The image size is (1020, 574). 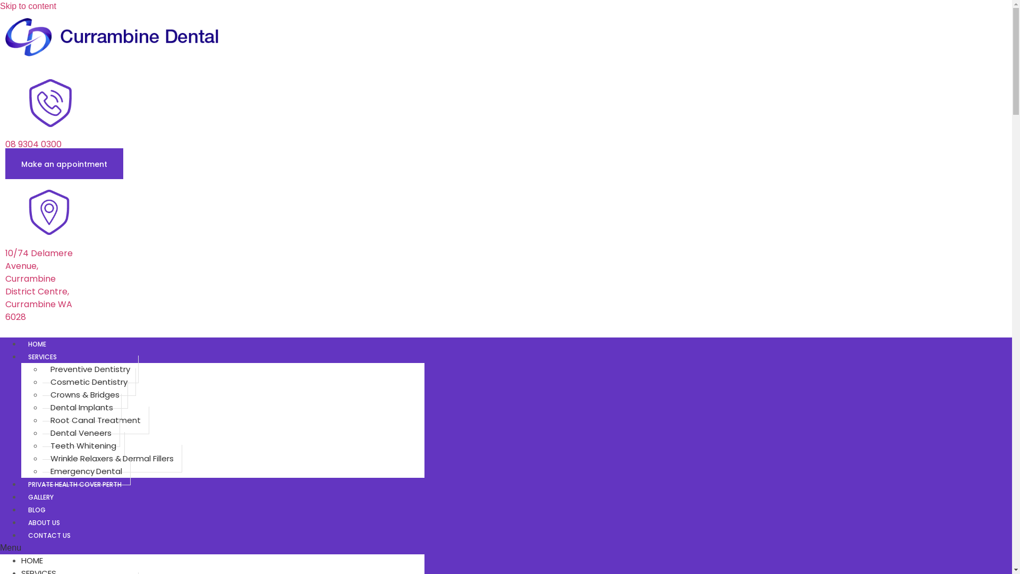 I want to click on 'GALLERY', so click(x=41, y=496).